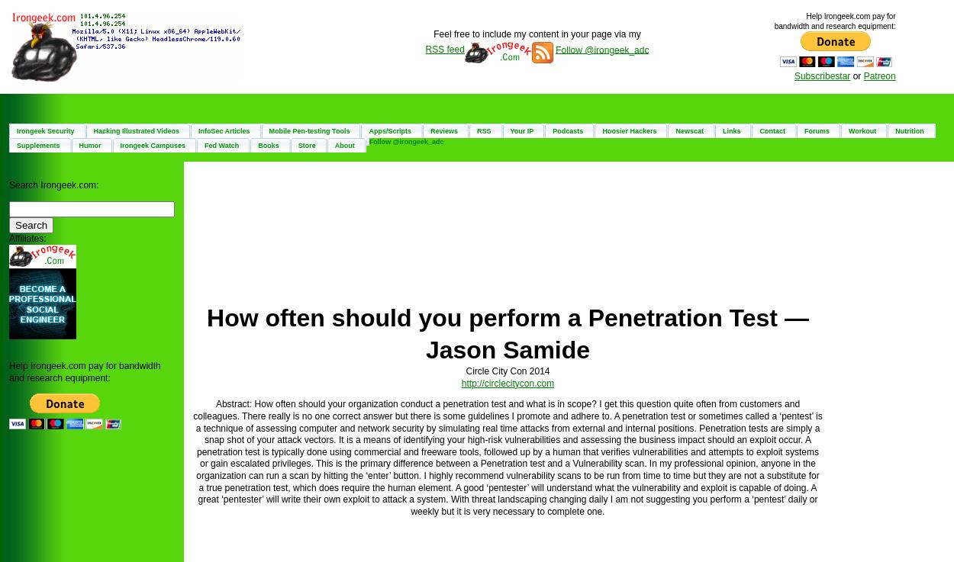 This screenshot has width=954, height=562. Describe the element at coordinates (53, 185) in the screenshot. I see `'Search Irongeek.com:'` at that location.